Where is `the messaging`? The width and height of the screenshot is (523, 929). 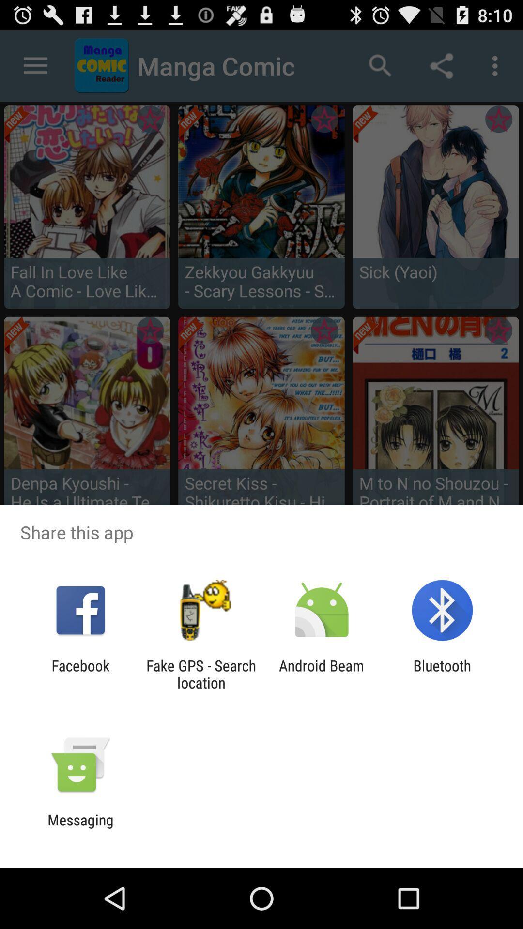 the messaging is located at coordinates (80, 828).